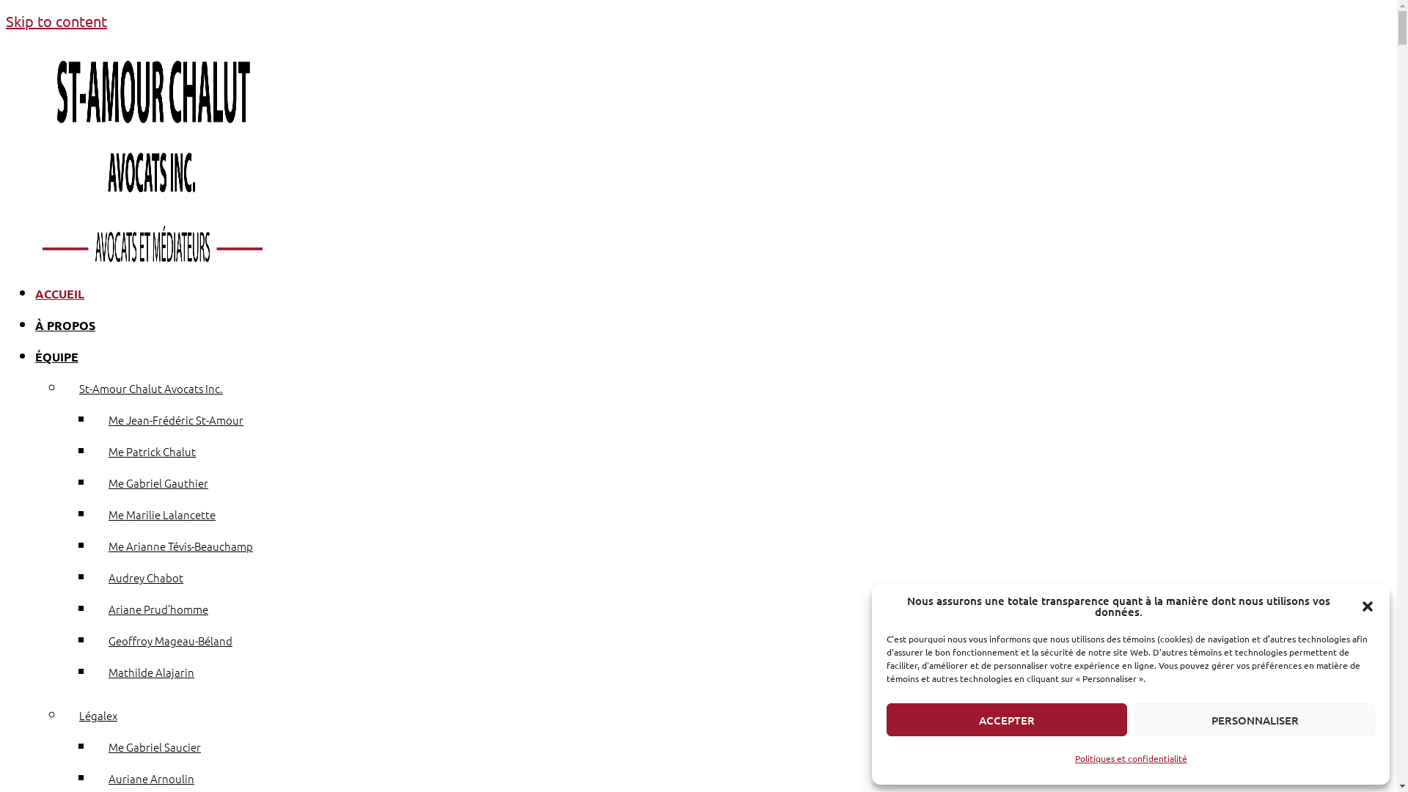  What do you see at coordinates (151, 672) in the screenshot?
I see `'Mathilde Alajarin'` at bounding box center [151, 672].